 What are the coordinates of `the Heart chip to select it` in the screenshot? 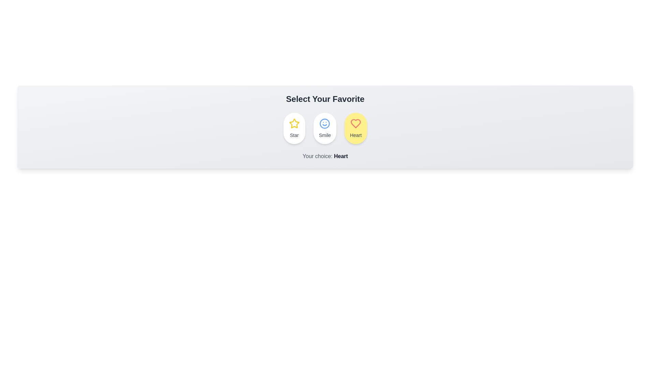 It's located at (355, 128).